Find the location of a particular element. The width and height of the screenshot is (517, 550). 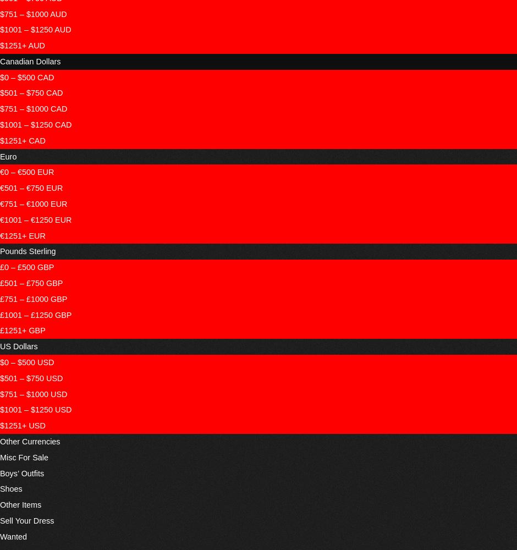

'Gallery' is located at coordinates (254, 24).